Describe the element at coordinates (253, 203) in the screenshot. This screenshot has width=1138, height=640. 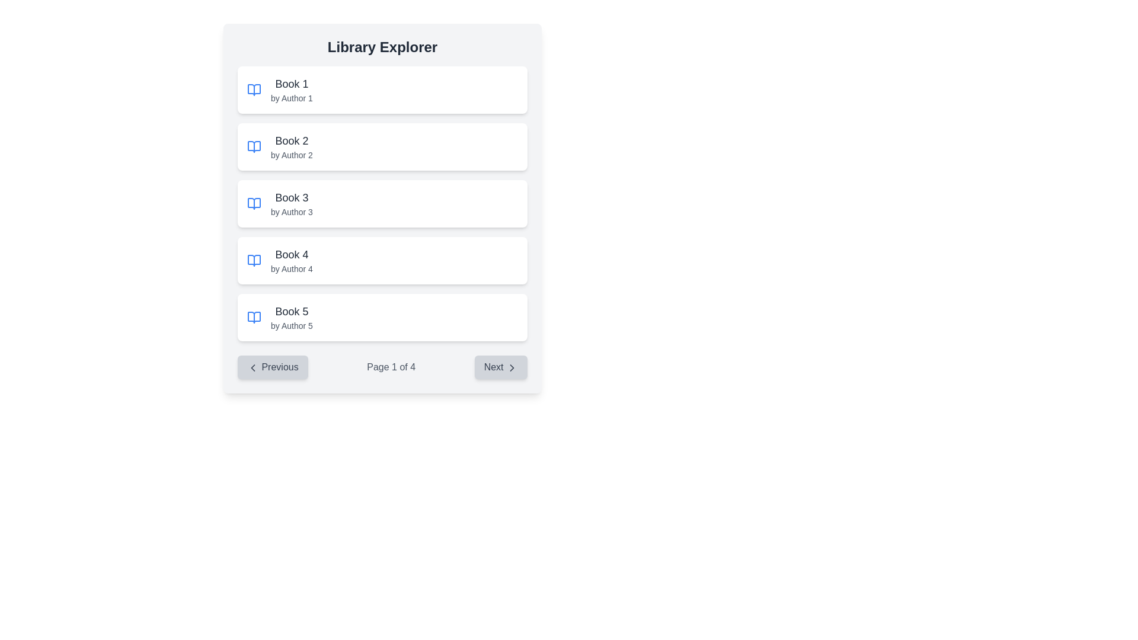
I see `the blue book icon representing 'Book 3'` at that location.